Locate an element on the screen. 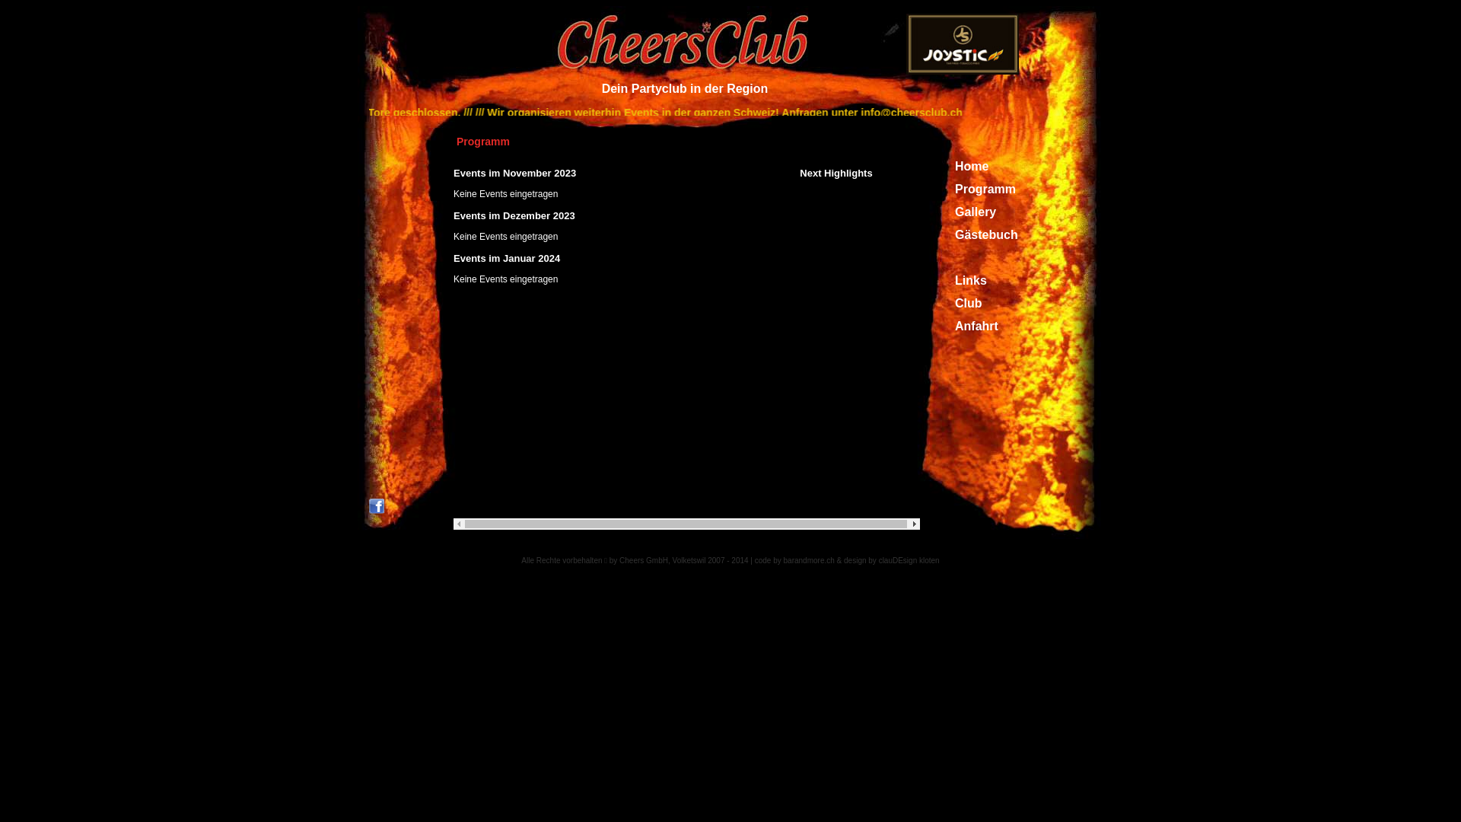  'Club' is located at coordinates (967, 303).